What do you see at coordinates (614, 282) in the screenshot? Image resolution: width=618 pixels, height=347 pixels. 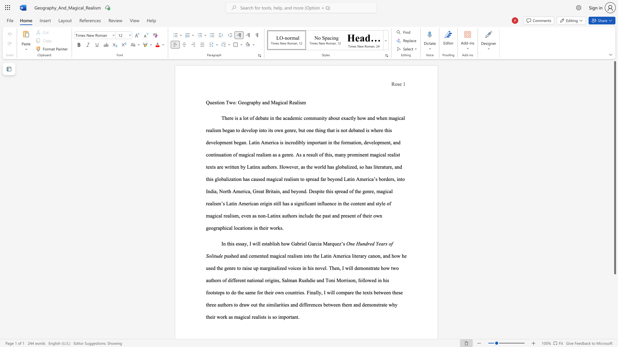 I see `the scrollbar to move the content lower` at bounding box center [614, 282].